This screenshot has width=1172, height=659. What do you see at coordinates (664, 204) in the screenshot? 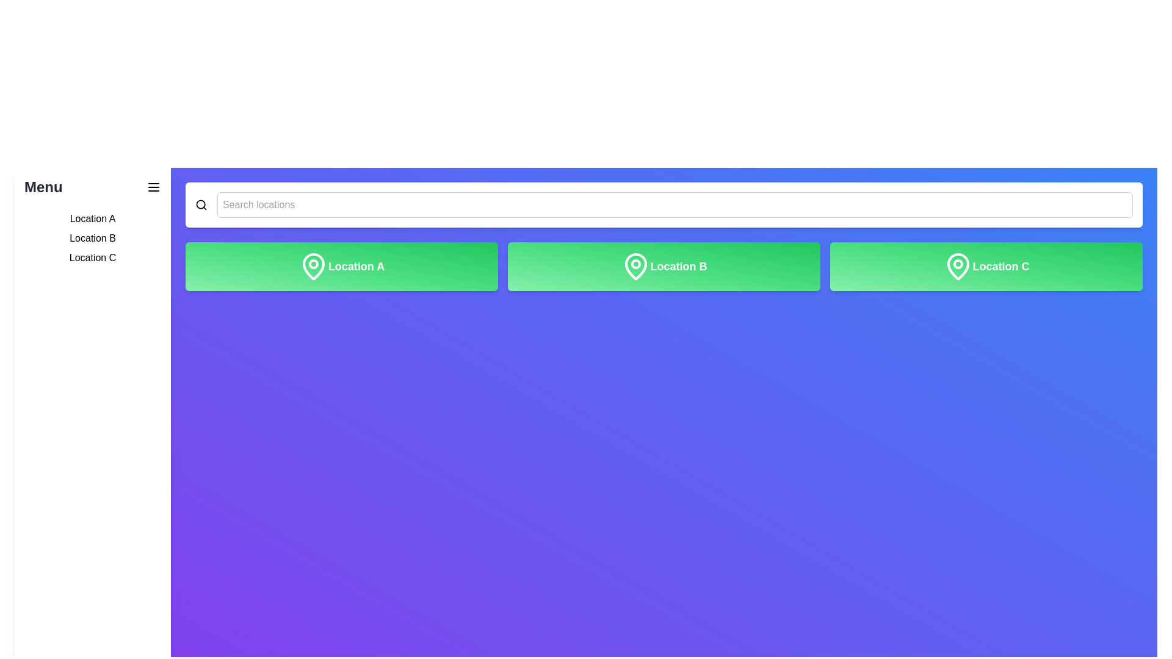
I see `the white rectangular search bar with rounded corners and a magnifying glass icon, located at the top center of the interface, just below the primary navigation` at bounding box center [664, 204].